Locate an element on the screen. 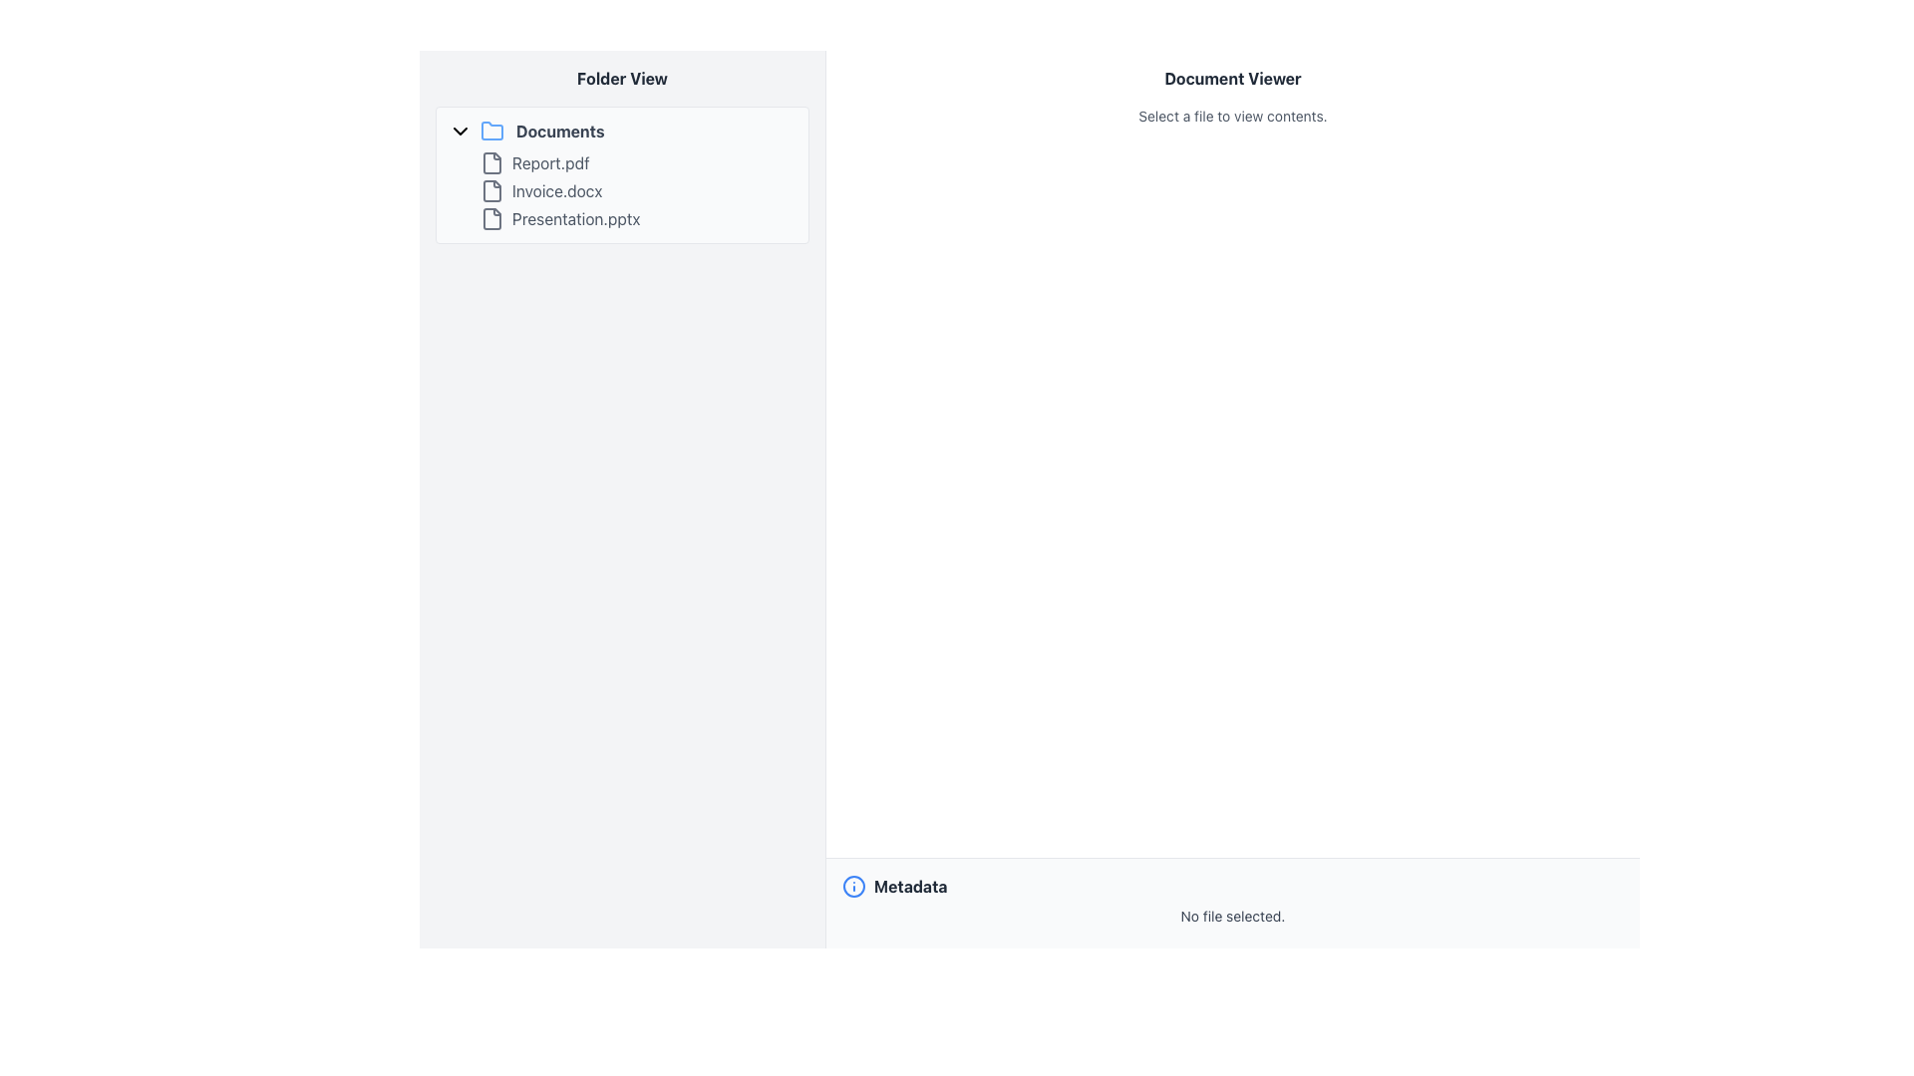 The image size is (1914, 1076). the text label 'Document Viewer', which is a prominent title header displayed in bold dark gray, positioned at the top of the right-hand section of the interface is located at coordinates (1232, 77).